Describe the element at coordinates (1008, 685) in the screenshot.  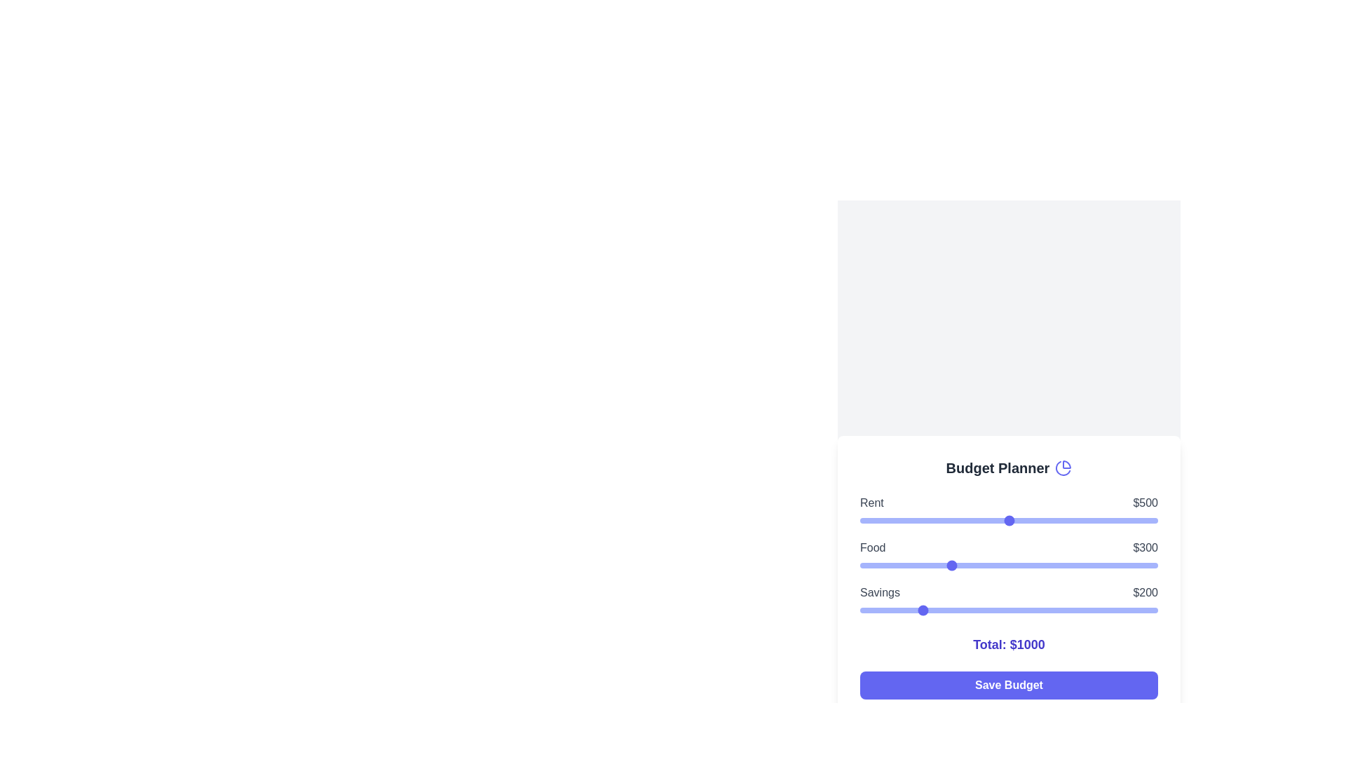
I see `the 'Save Budget' button` at that location.